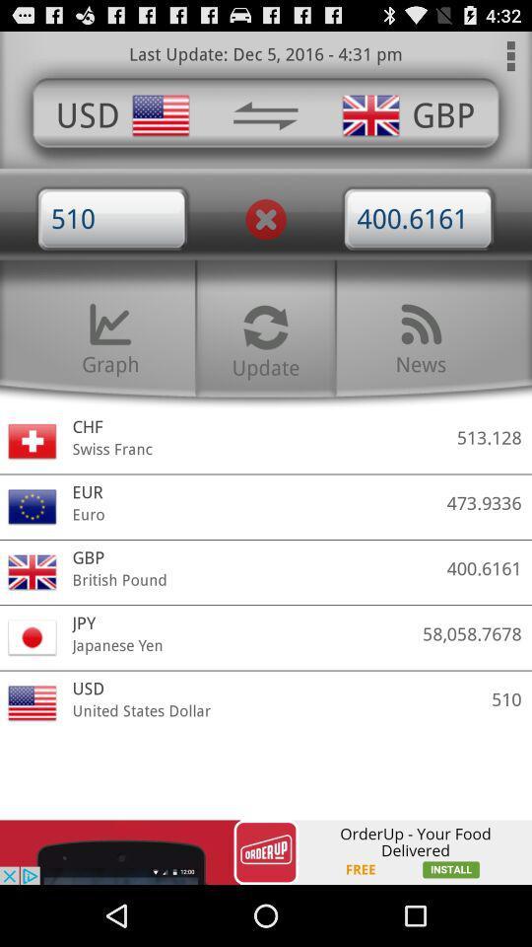 The image size is (532, 947). I want to click on exit option, so click(266, 219).